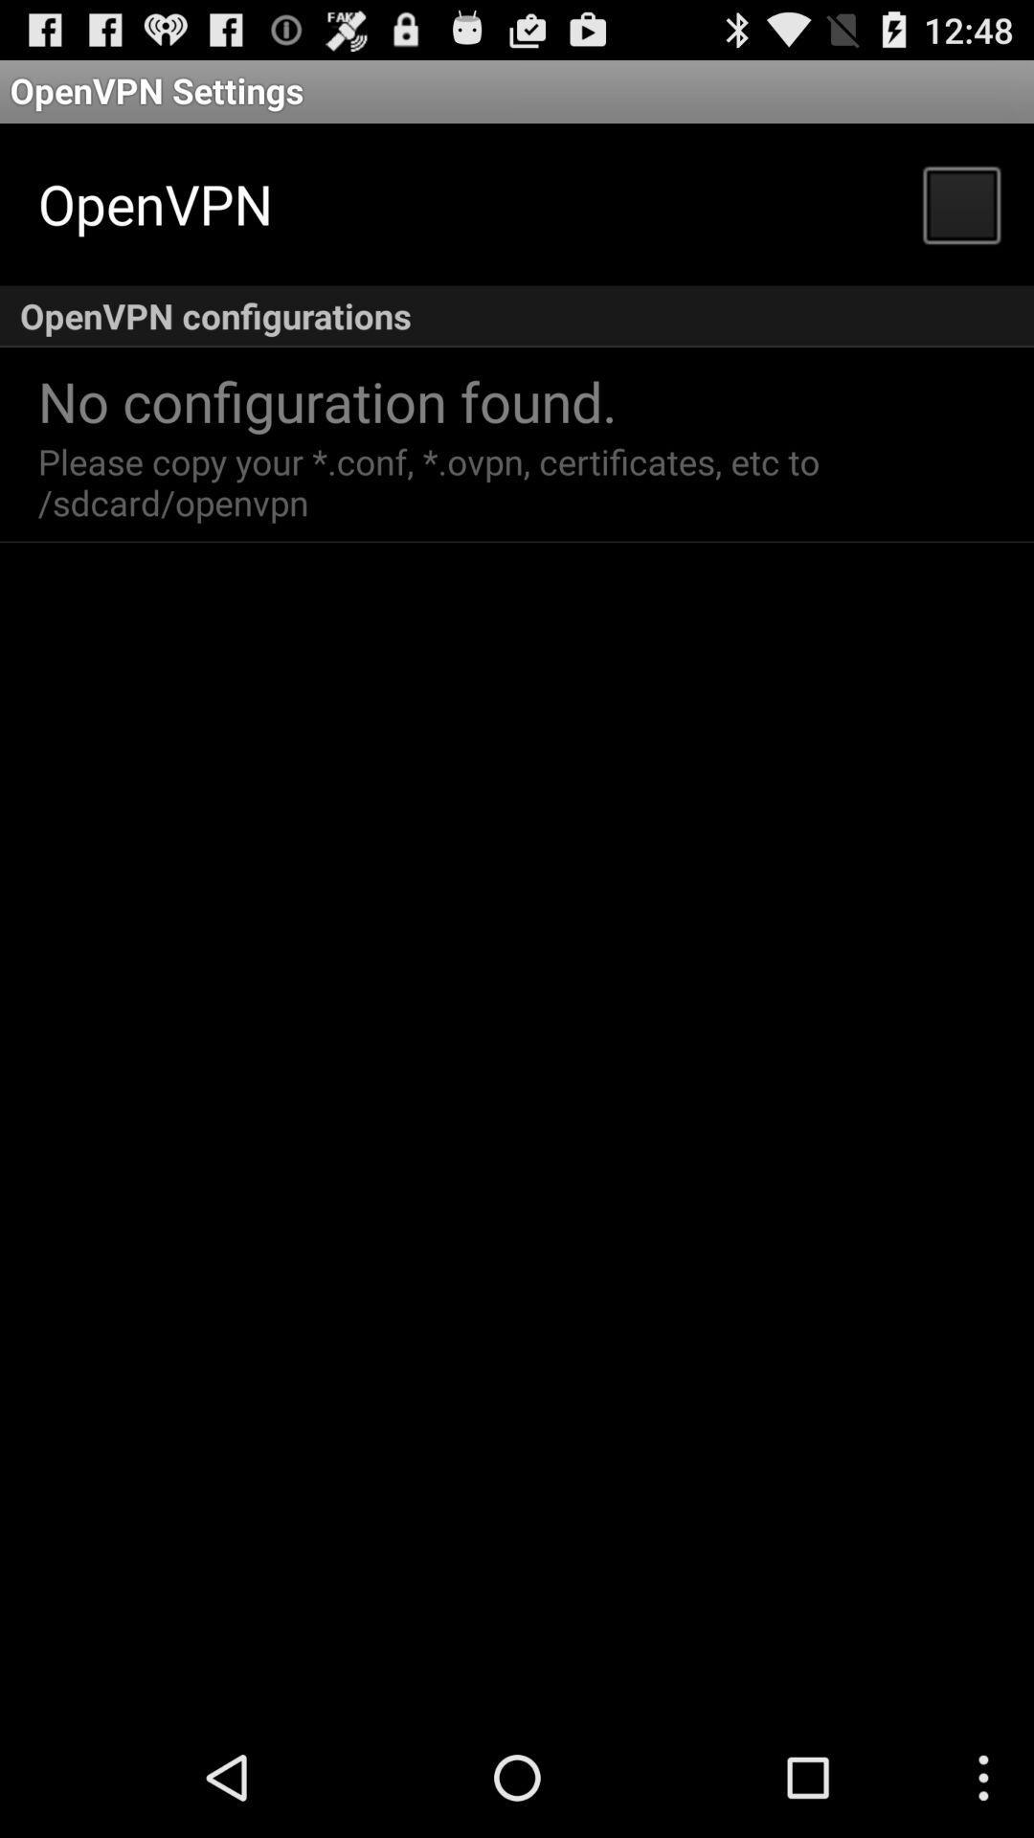 The width and height of the screenshot is (1034, 1838). I want to click on checkbox at the top right corner, so click(960, 203).